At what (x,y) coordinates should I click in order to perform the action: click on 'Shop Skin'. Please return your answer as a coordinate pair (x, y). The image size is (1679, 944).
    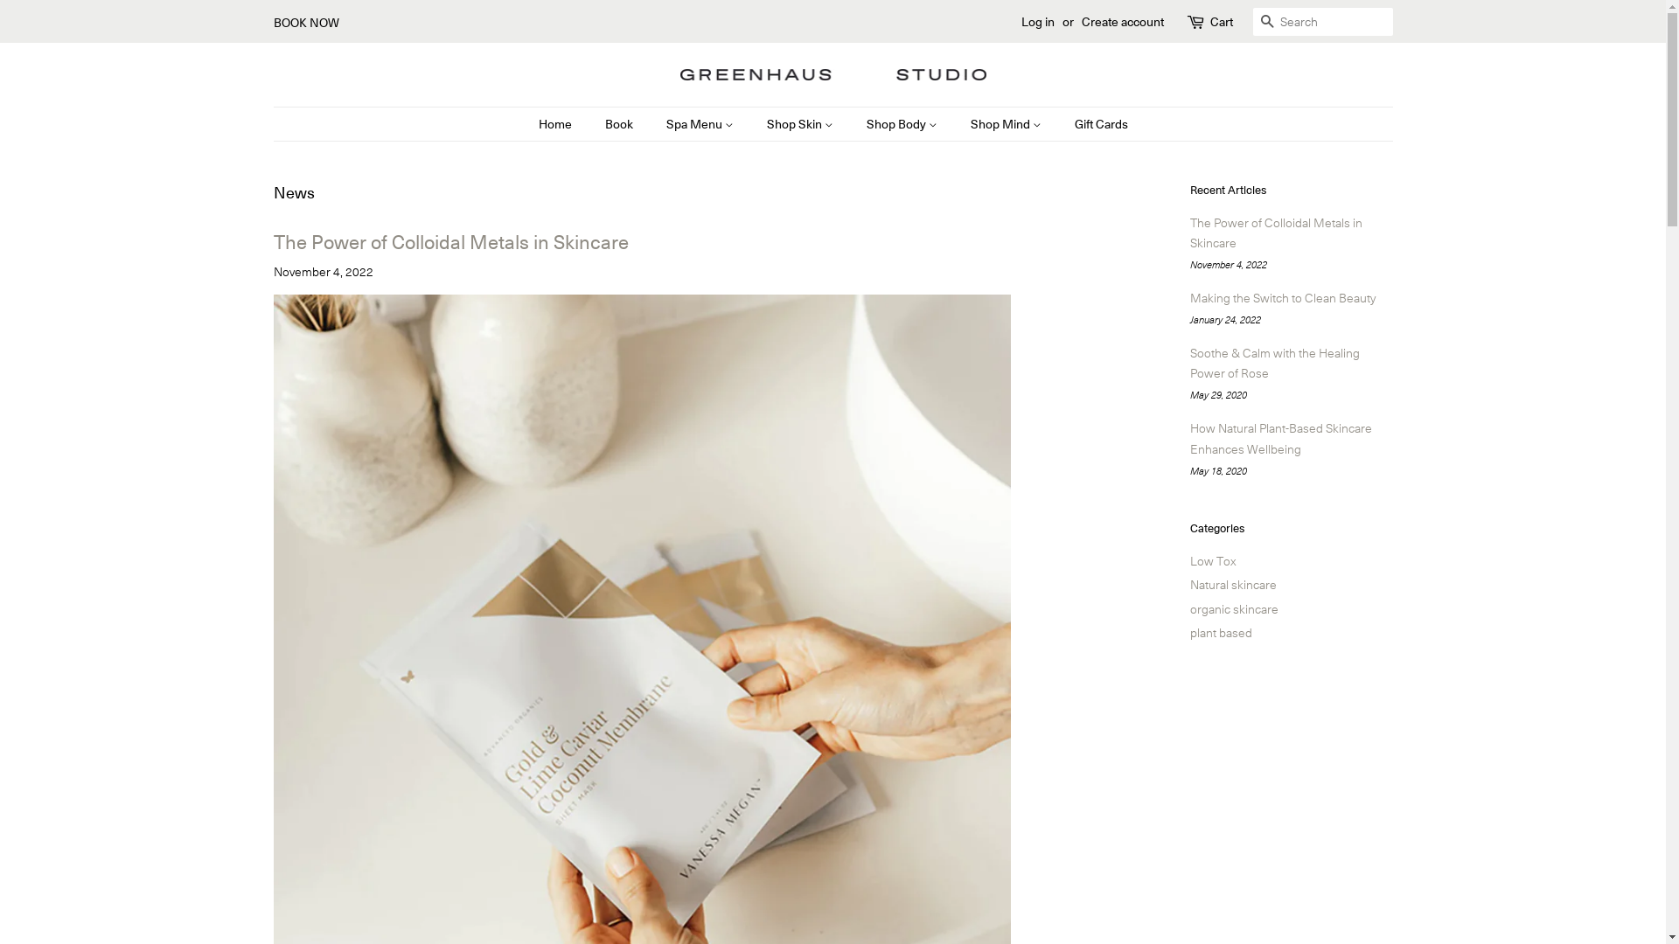
    Looking at the image, I should click on (754, 123).